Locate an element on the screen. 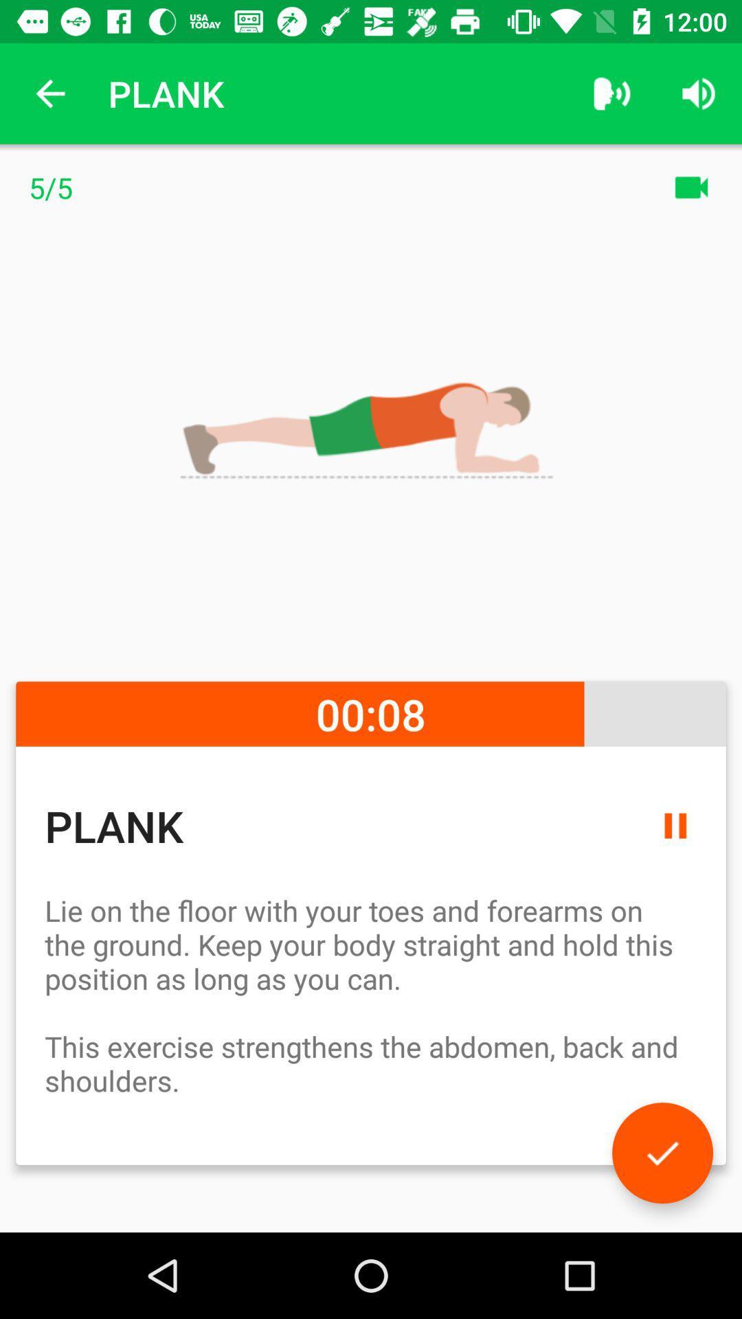 The image size is (742, 1319). the icon to the left of the plank icon is located at coordinates (49, 93).